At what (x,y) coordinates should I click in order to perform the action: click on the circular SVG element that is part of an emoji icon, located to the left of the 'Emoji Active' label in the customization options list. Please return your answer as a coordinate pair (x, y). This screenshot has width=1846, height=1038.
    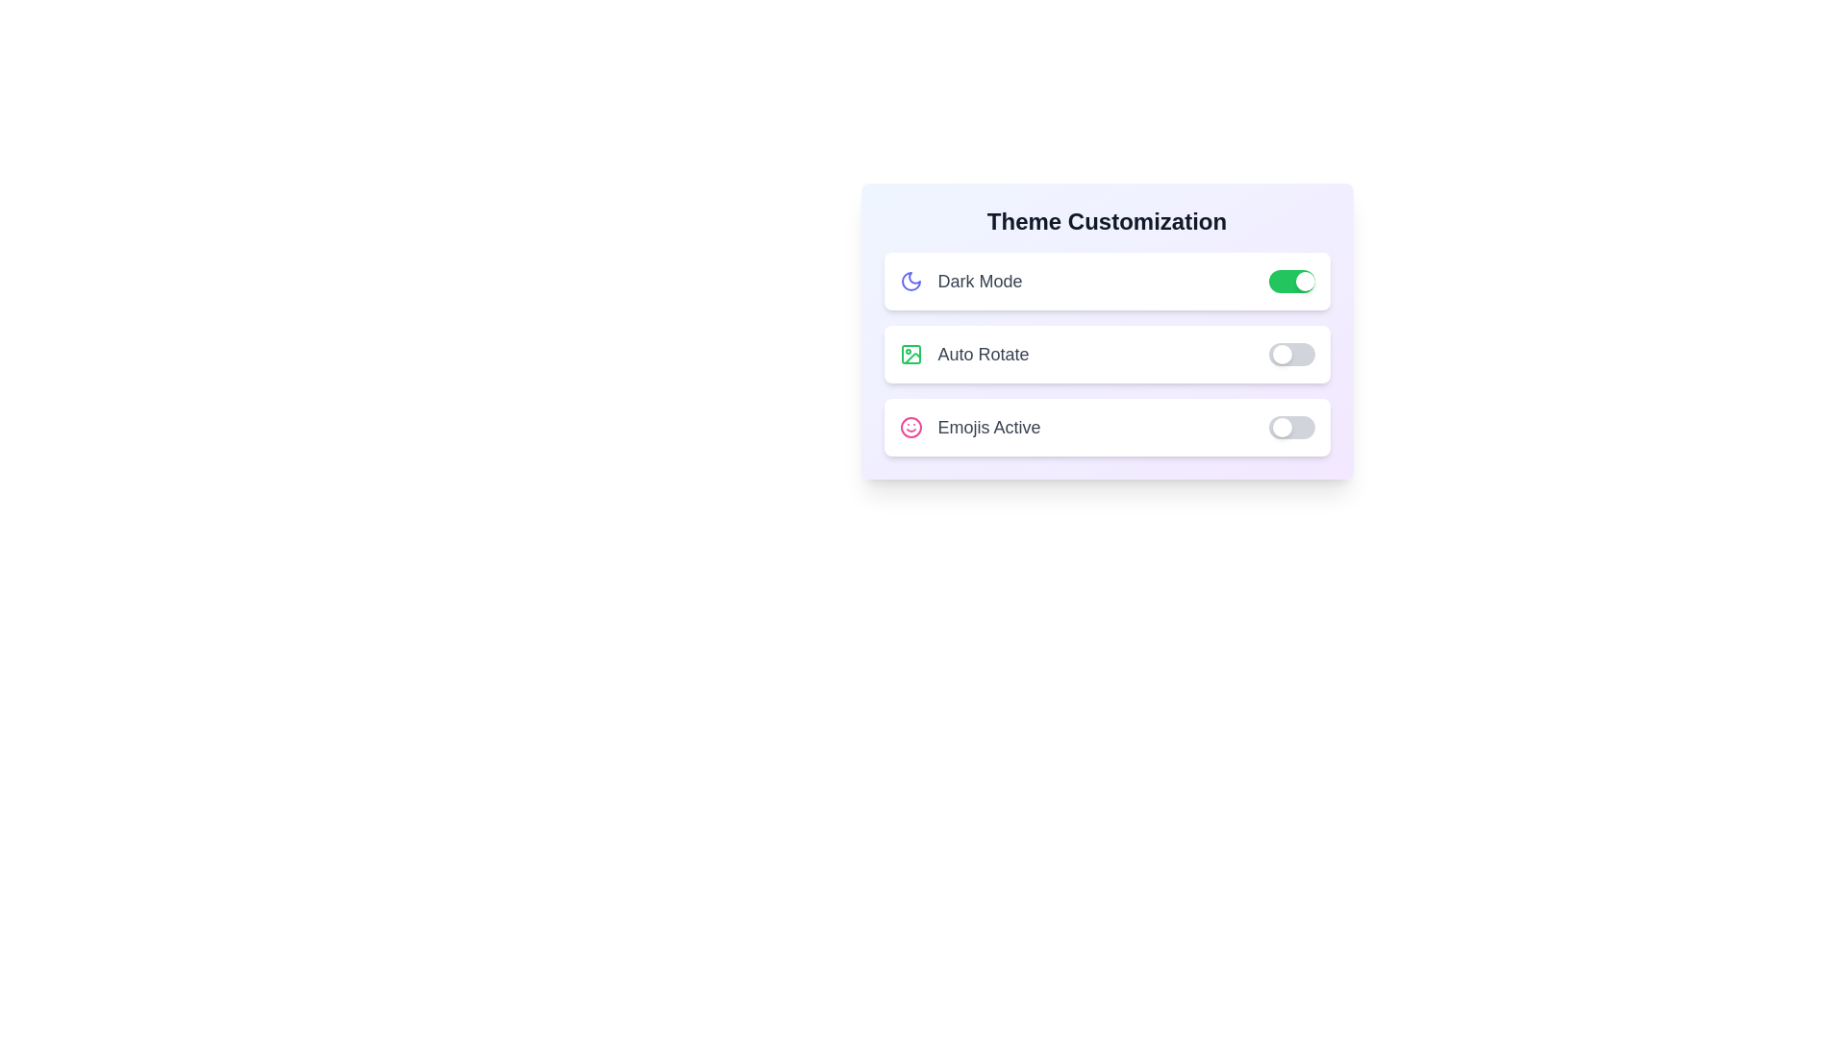
    Looking at the image, I should click on (910, 426).